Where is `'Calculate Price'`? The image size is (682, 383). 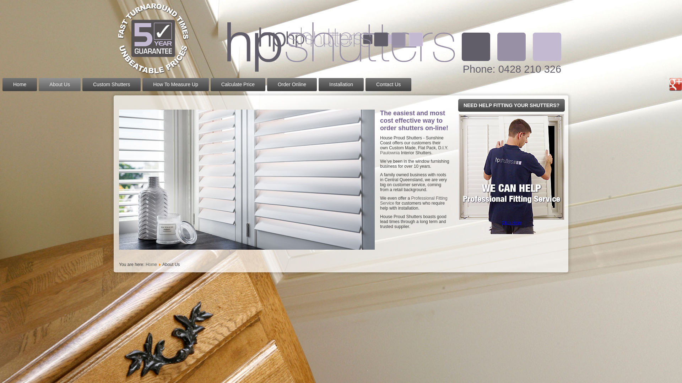 'Calculate Price' is located at coordinates (238, 84).